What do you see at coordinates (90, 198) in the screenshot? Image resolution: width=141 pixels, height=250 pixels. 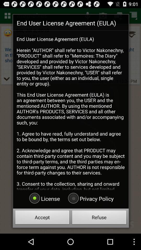 I see `radio button to the right of the license item` at bounding box center [90, 198].